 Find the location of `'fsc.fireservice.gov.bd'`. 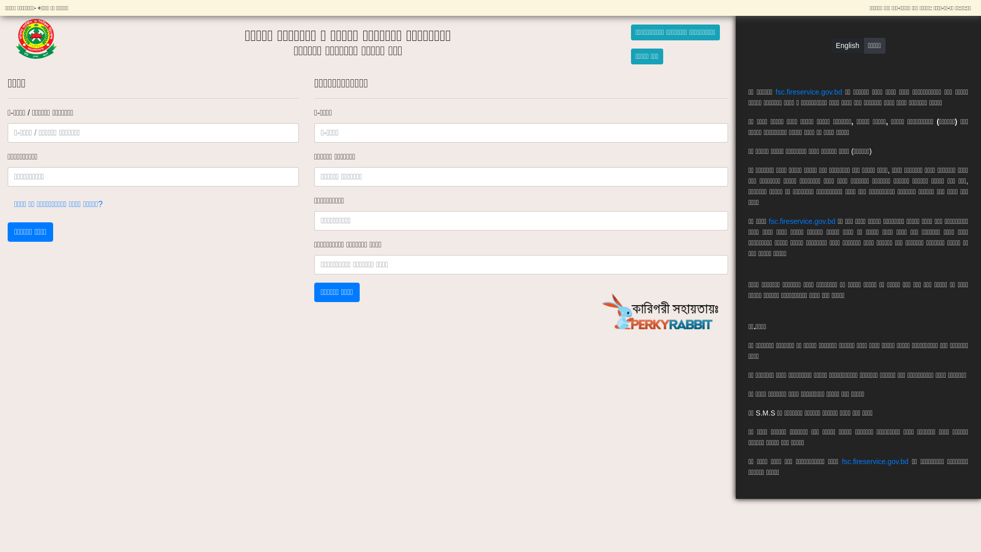

'fsc.fireservice.gov.bd' is located at coordinates (875, 461).